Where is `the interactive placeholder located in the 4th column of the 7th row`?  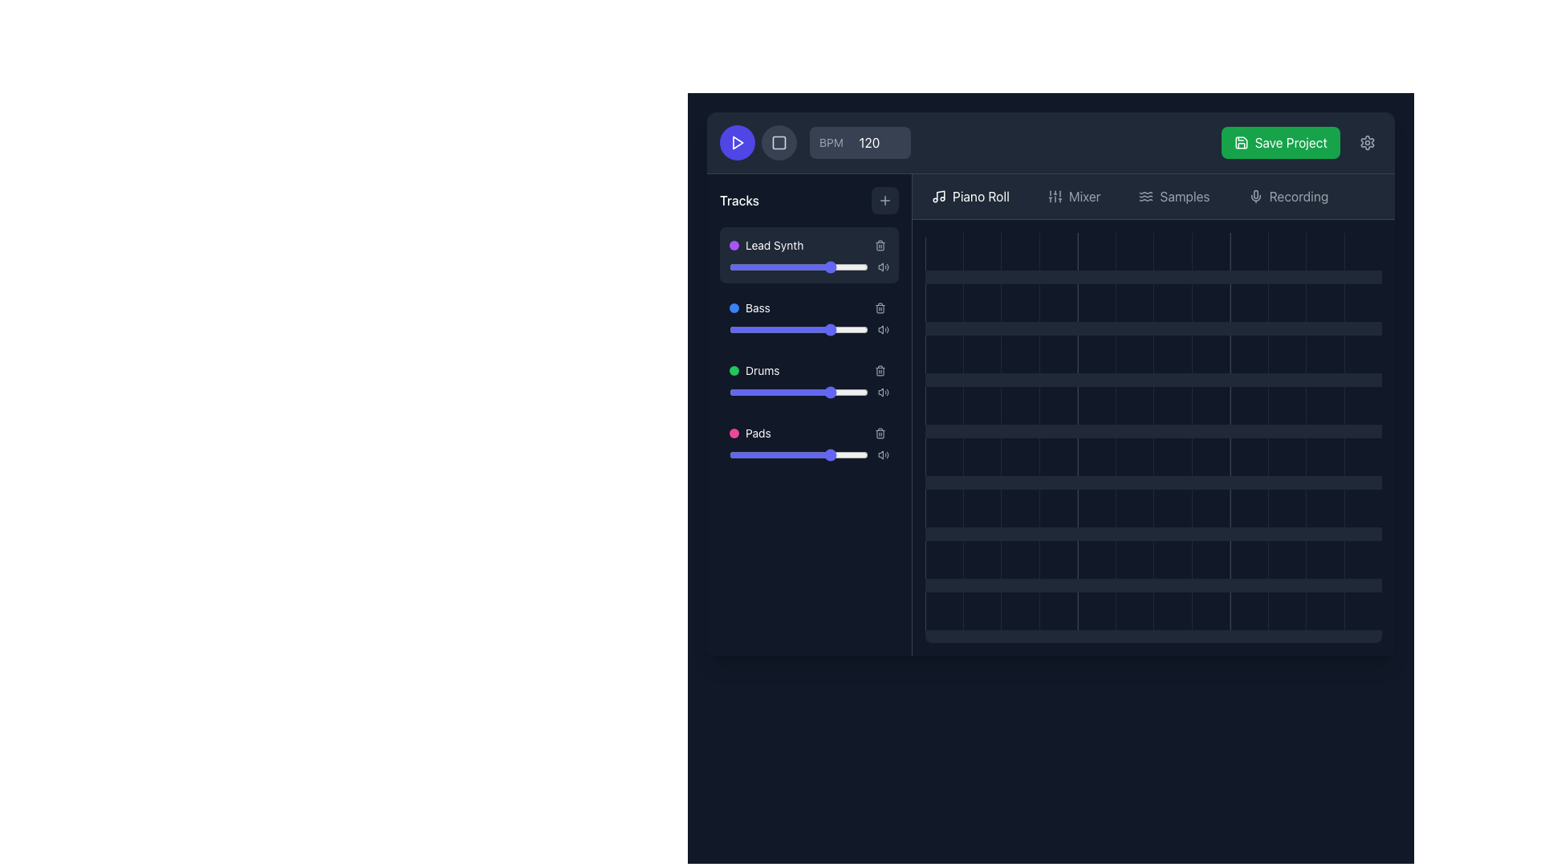
the interactive placeholder located in the 4th column of the 7th row is located at coordinates (1058, 559).